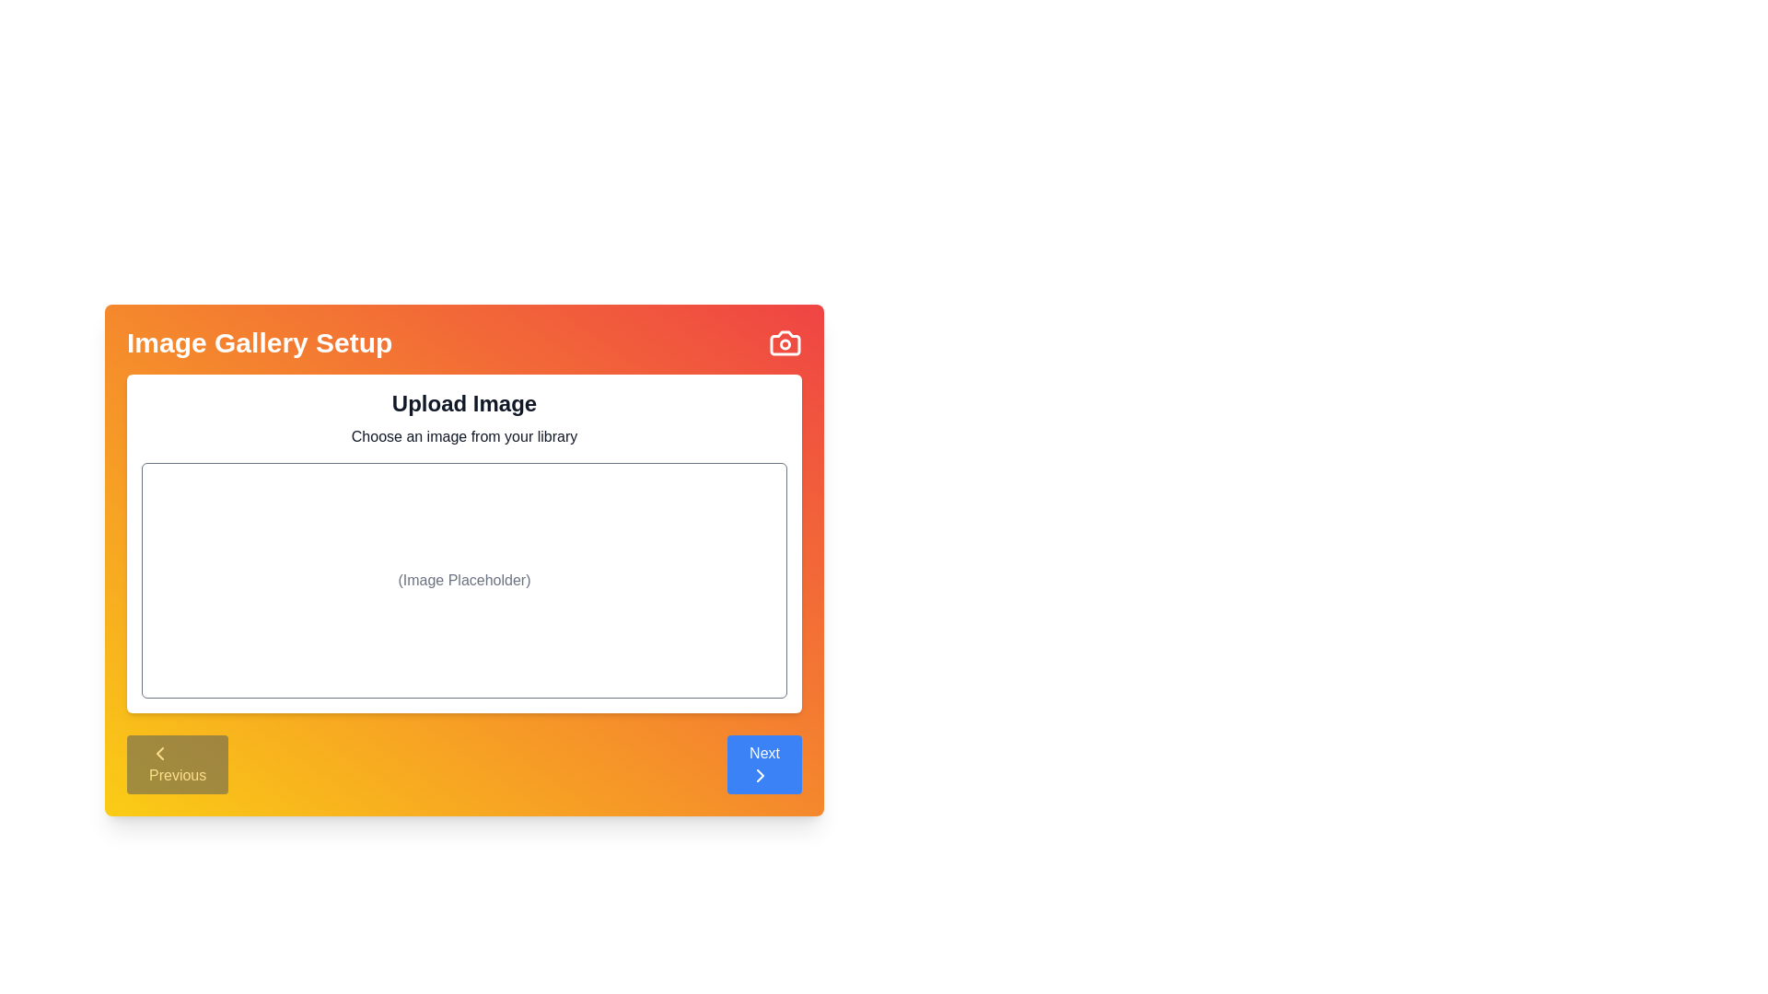  What do you see at coordinates (464, 581) in the screenshot?
I see `the 'Image Placeholder' area to initiate the image upload or selection process` at bounding box center [464, 581].